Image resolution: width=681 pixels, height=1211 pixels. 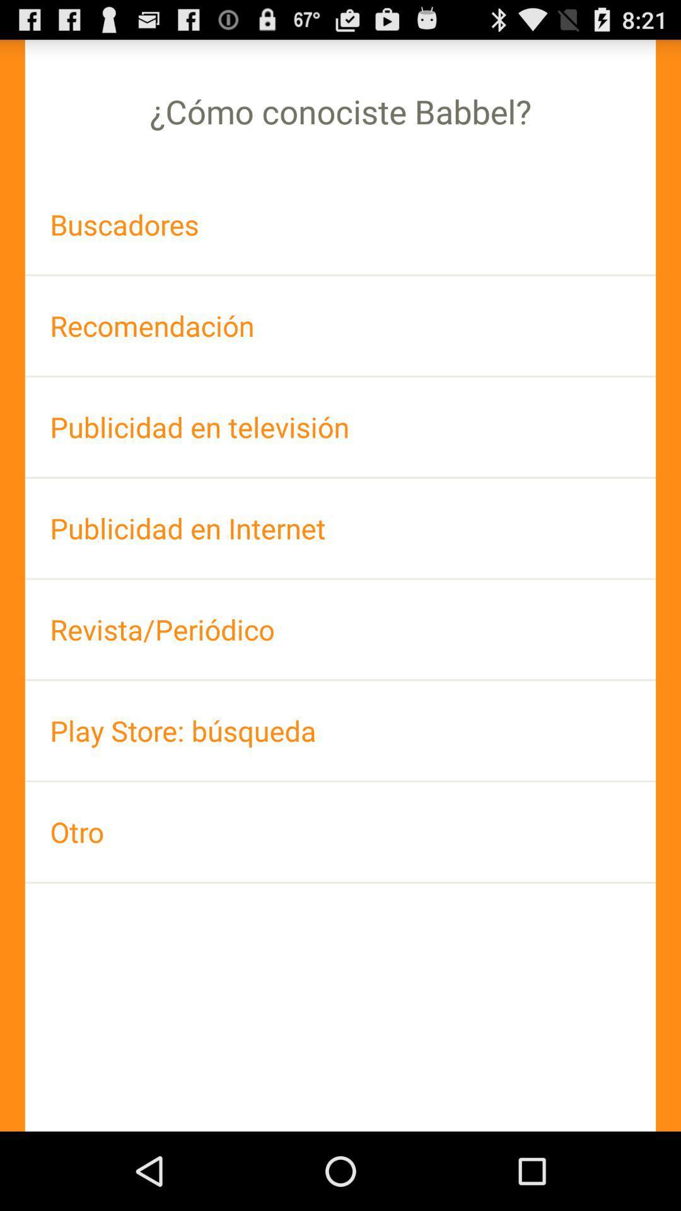 I want to click on the buscadores item, so click(x=340, y=225).